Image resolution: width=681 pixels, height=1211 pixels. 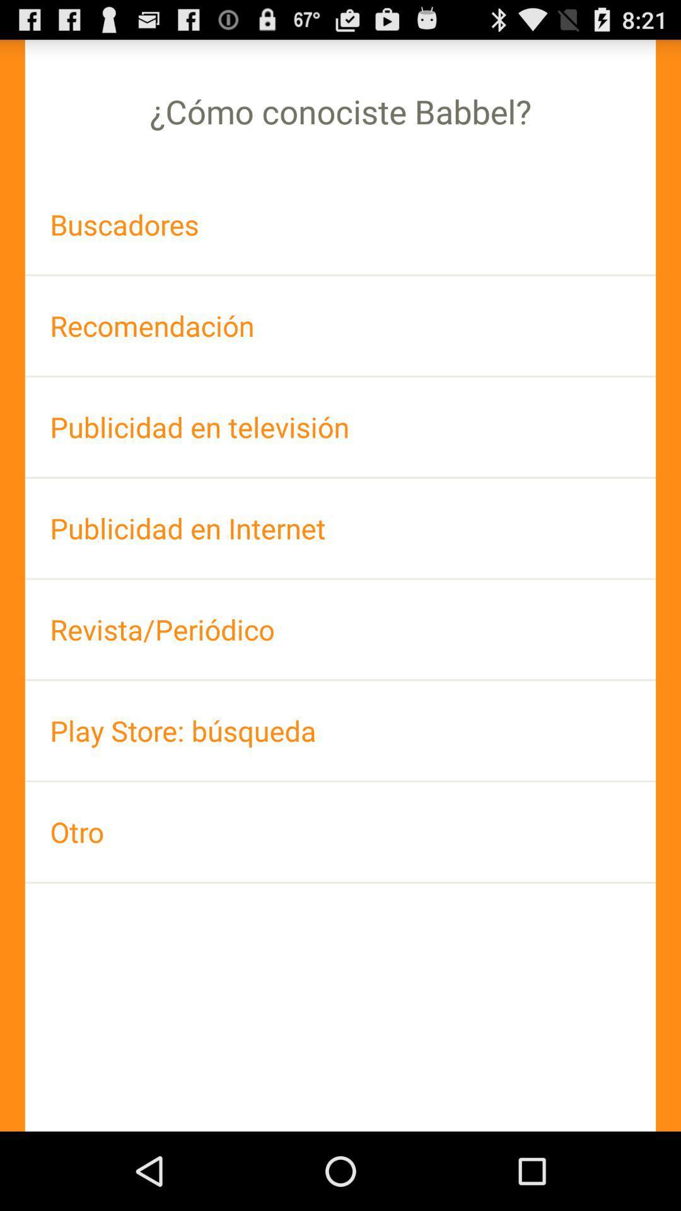 I want to click on the buscadores item, so click(x=340, y=225).